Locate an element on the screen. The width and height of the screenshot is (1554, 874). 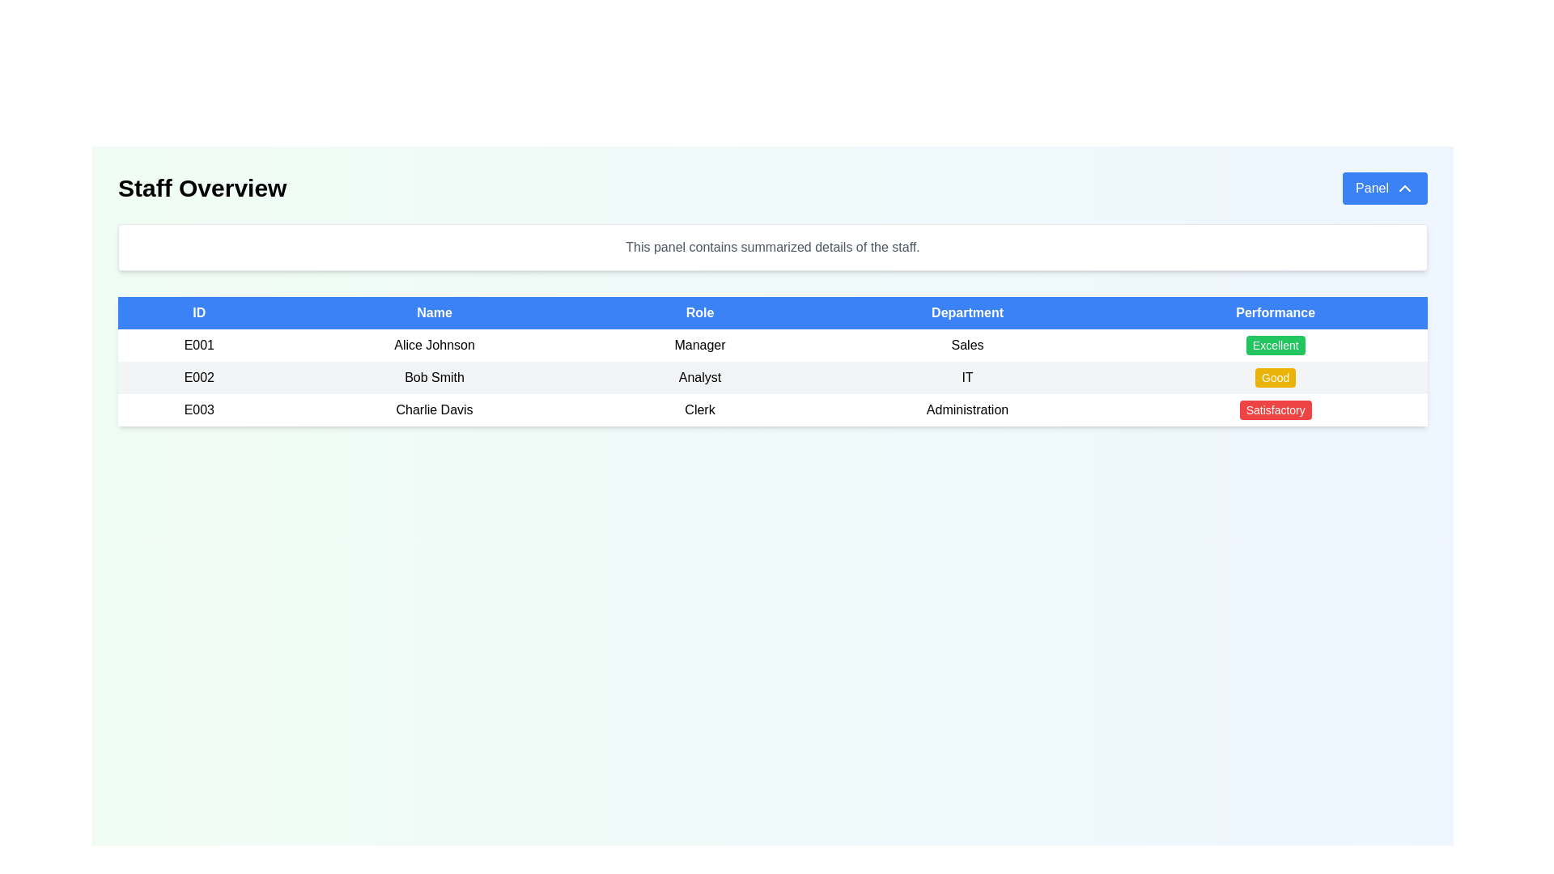
the text label identifier in the second row of the table under the 'ID' column, which is associated with 'Bob Smith' is located at coordinates (198, 377).